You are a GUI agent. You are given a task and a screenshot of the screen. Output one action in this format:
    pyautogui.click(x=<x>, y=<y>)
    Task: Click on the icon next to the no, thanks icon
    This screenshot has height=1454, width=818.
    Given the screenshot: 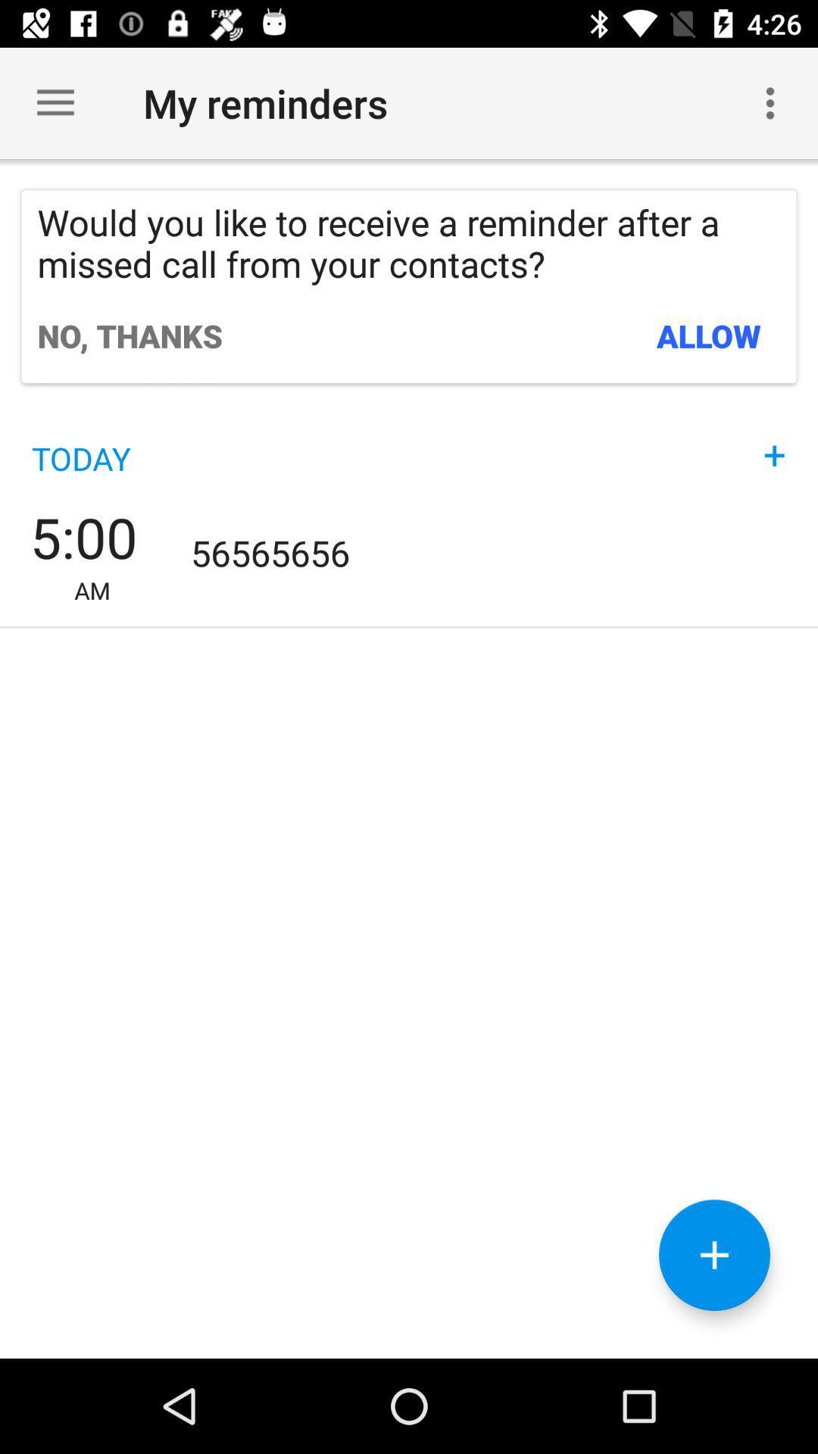 What is the action you would take?
    pyautogui.click(x=709, y=335)
    